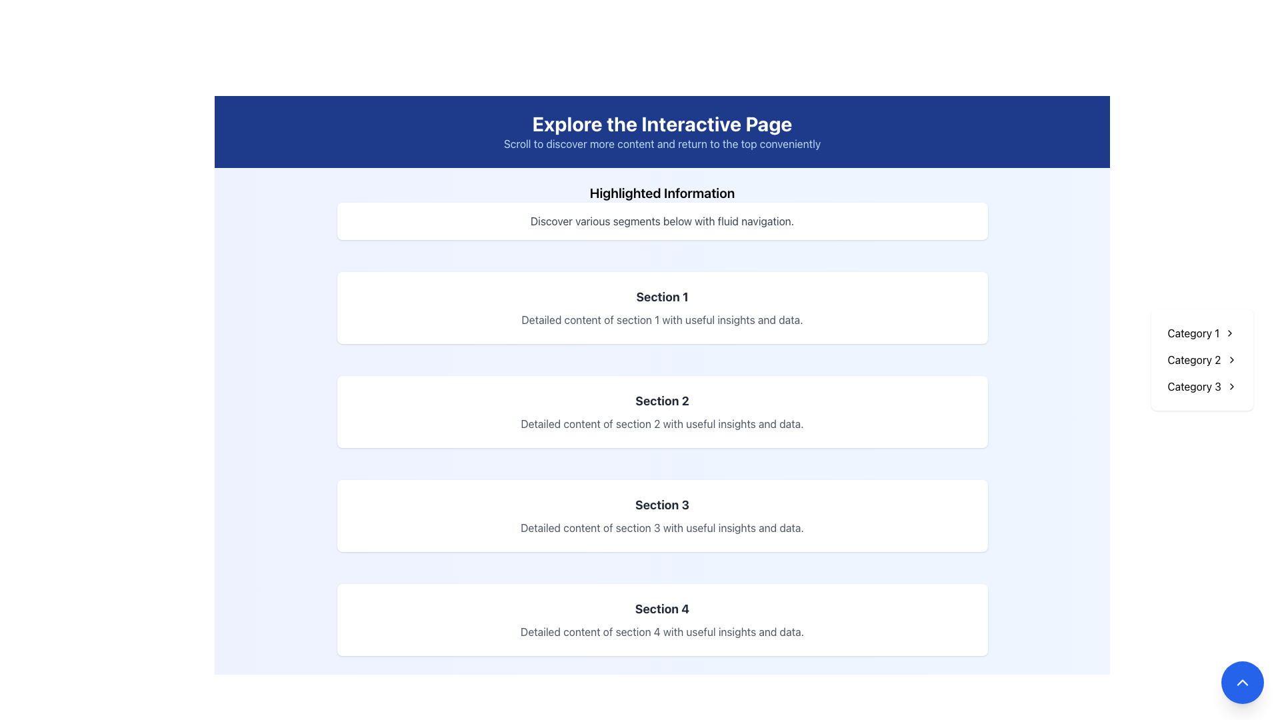 Image resolution: width=1280 pixels, height=720 pixels. I want to click on the primary heading text label in the third section of the vertical list, which identifies the content below it, so click(662, 505).